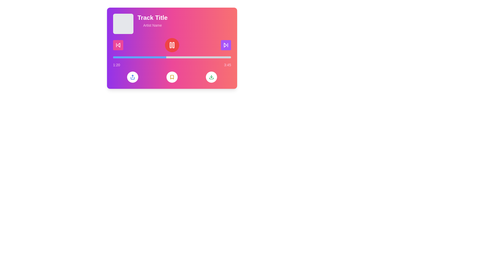 The width and height of the screenshot is (488, 274). Describe the element at coordinates (172, 77) in the screenshot. I see `the middle circular button for bookmarking located beneath the progress bar of the media player interface` at that location.